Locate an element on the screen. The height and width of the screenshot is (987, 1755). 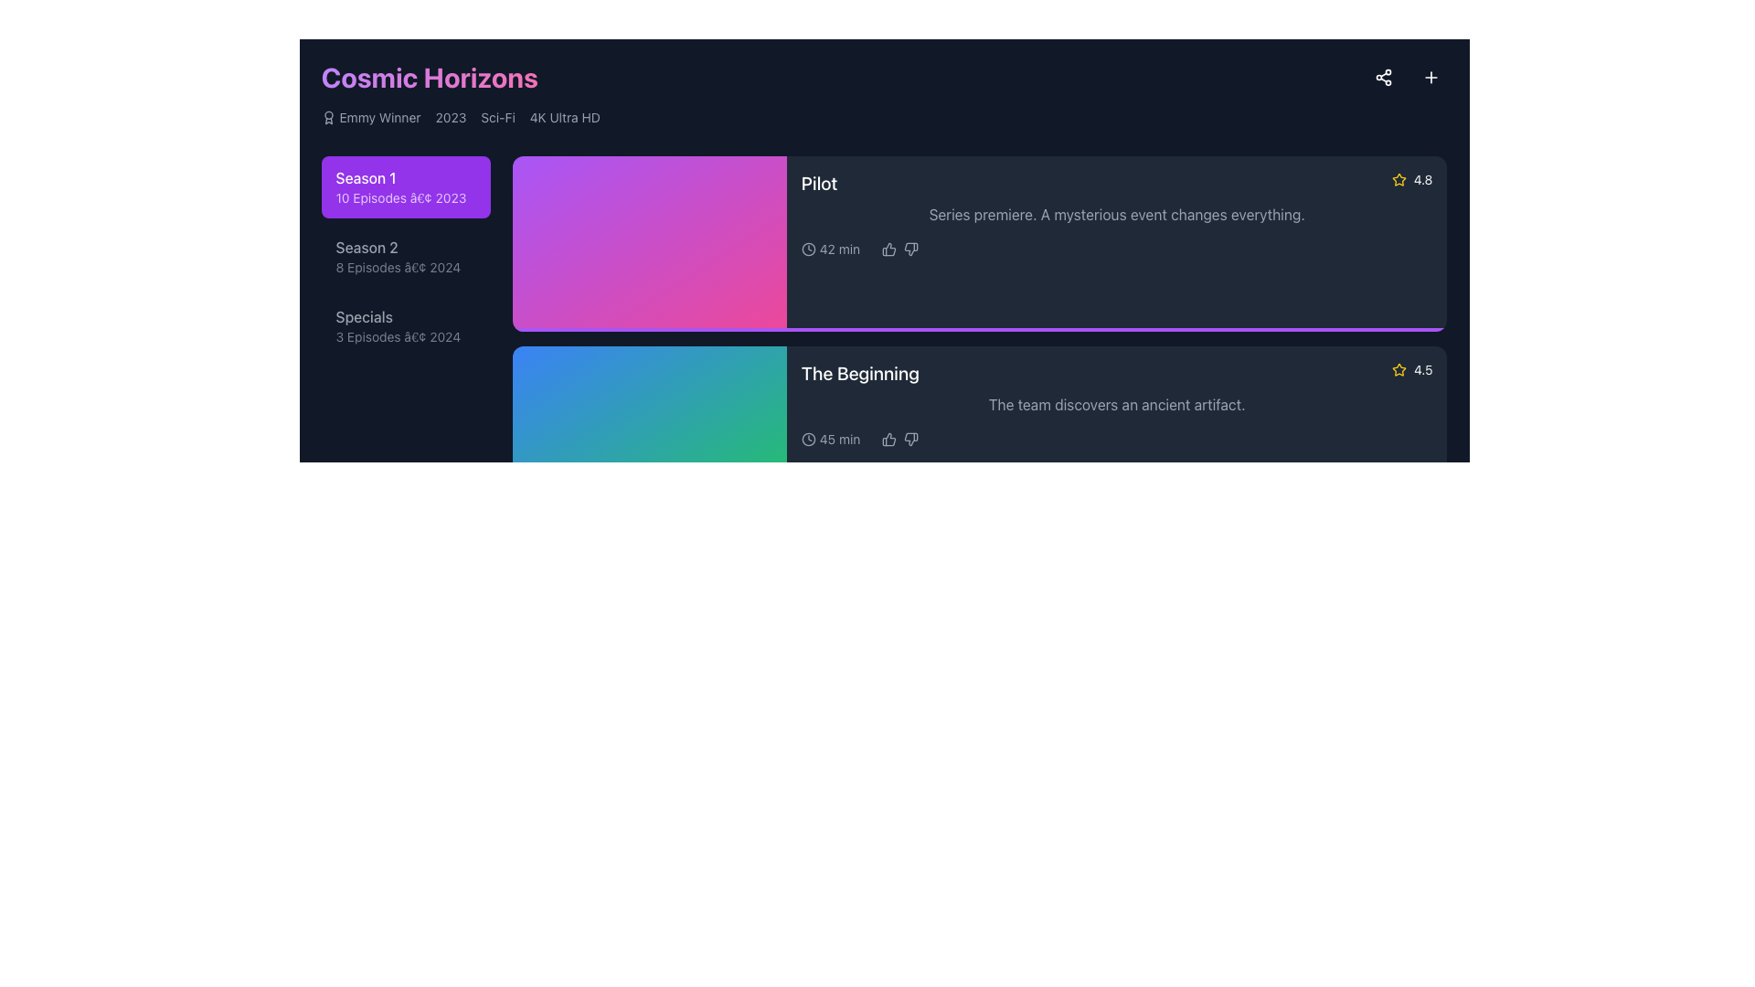
the Icon button used to indicate a positive reaction or approval towards the episode 'Pilot', located to the left of the thumb-down icon and horizontally aligned with the time indicator is located at coordinates (889, 249).